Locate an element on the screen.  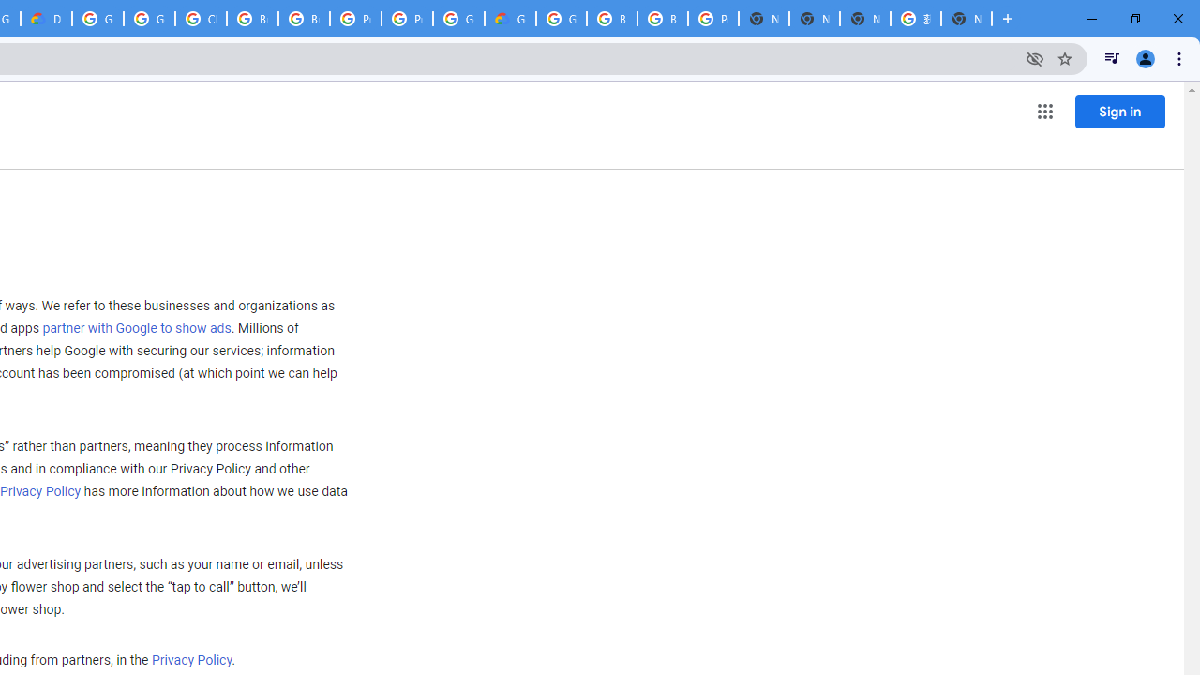
'Google Cloud Estimate Summary' is located at coordinates (510, 19).